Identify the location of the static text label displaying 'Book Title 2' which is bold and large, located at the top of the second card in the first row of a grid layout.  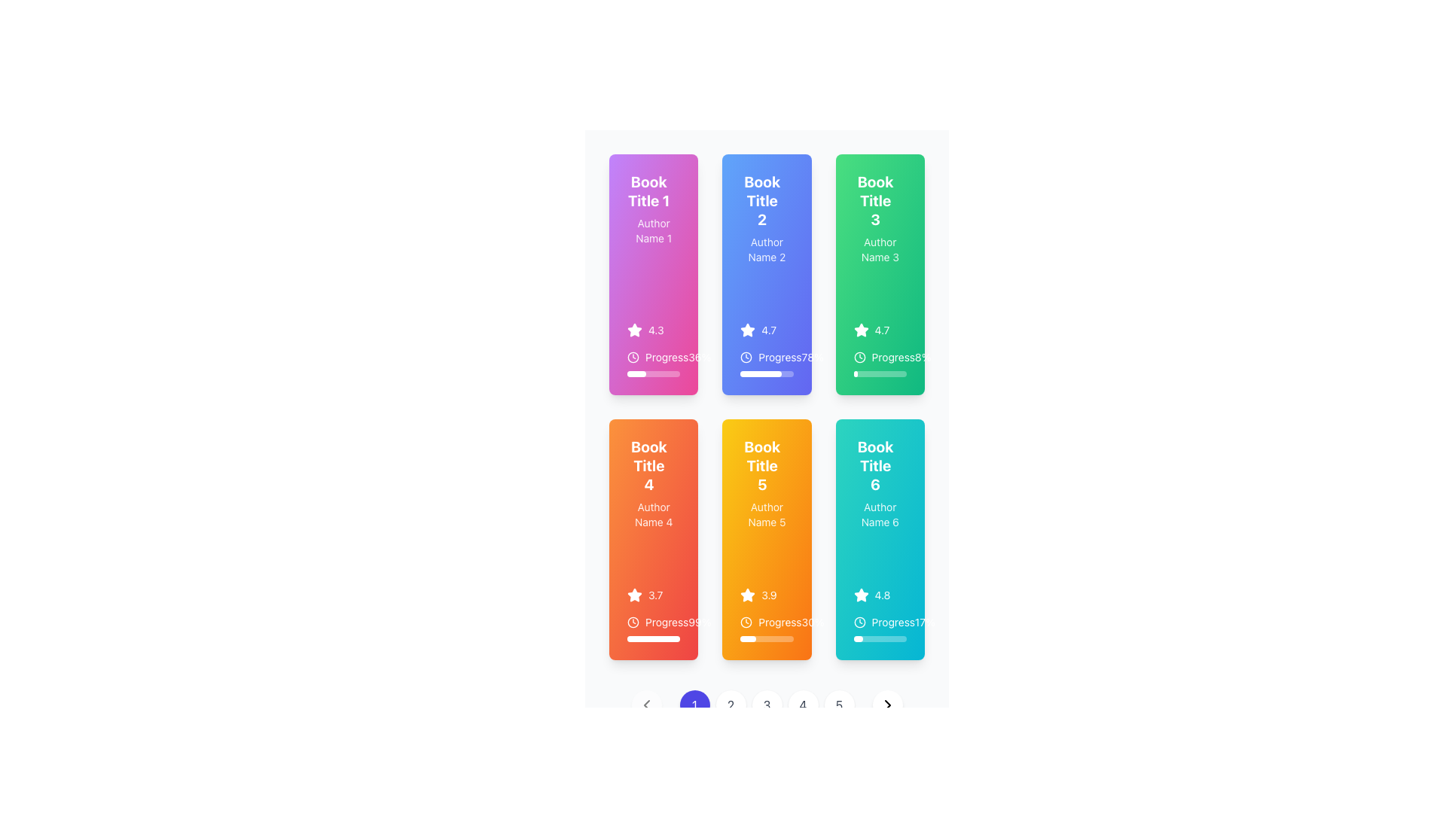
(767, 203).